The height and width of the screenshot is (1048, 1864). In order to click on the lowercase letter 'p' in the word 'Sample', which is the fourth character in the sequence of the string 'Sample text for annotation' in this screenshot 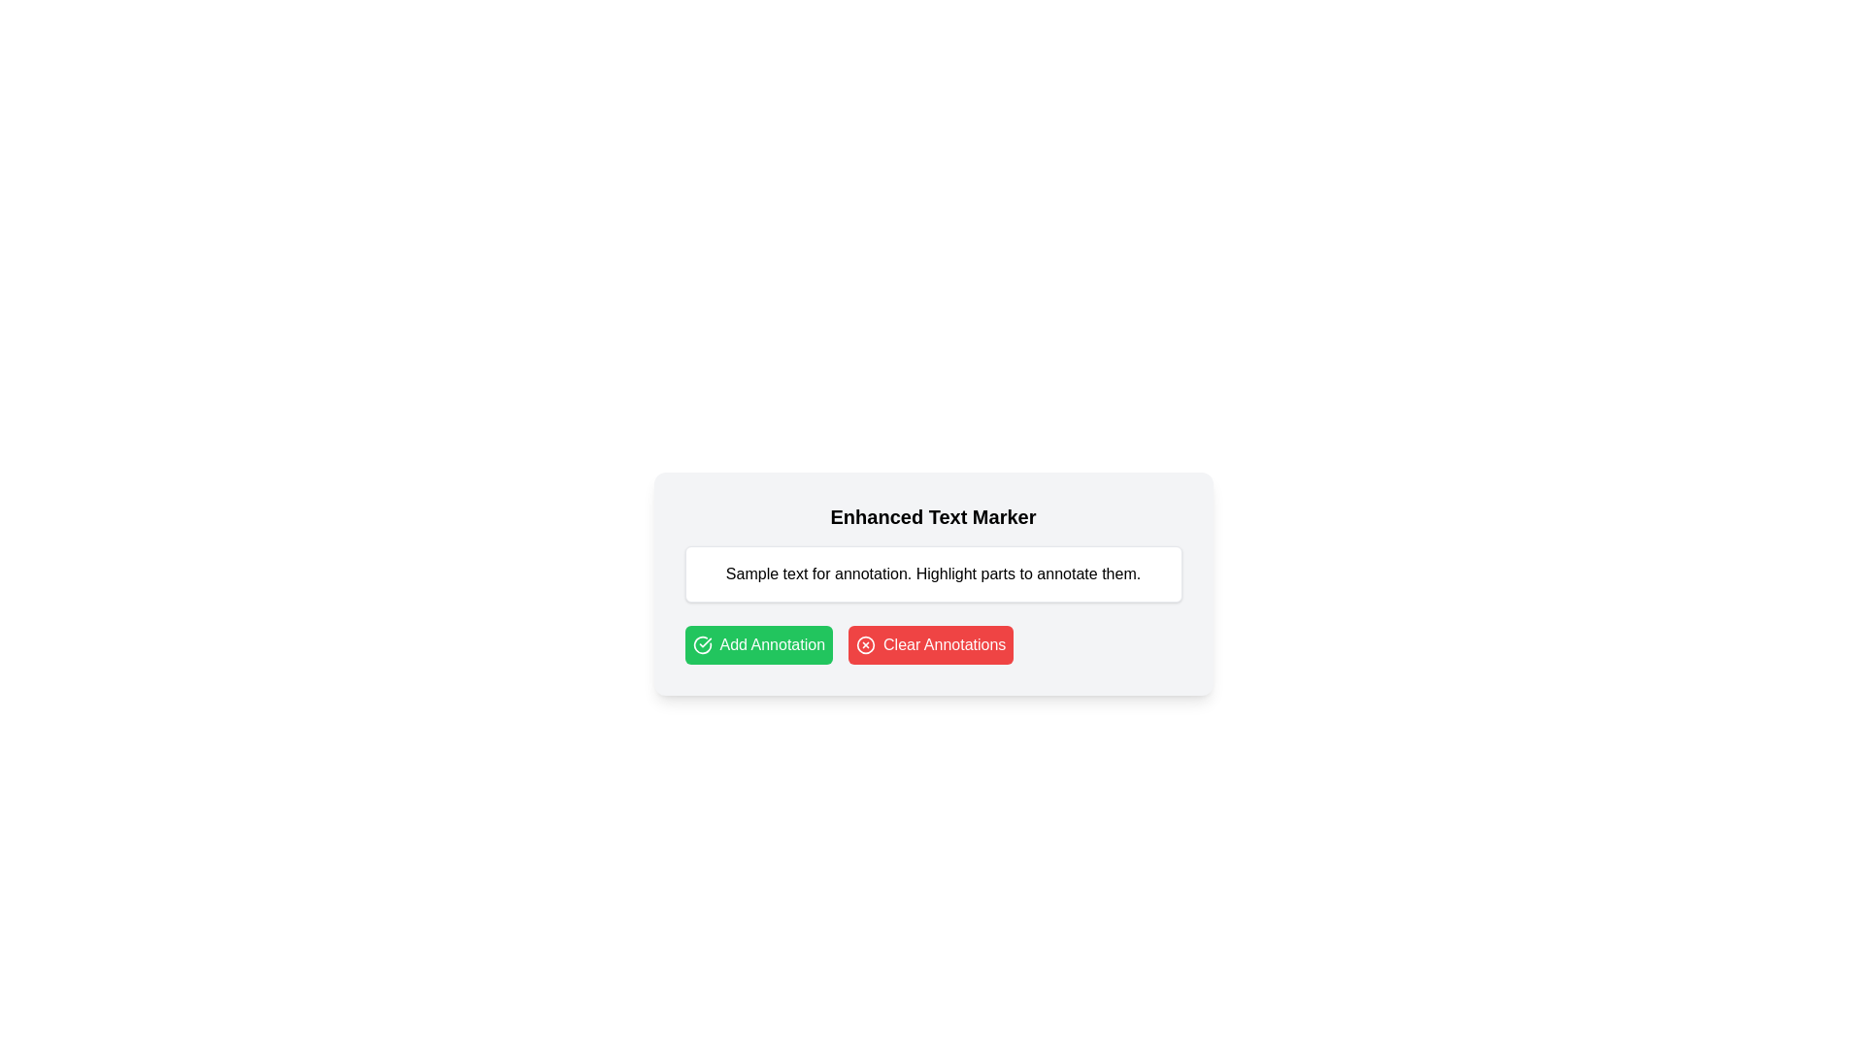, I will do `click(761, 573)`.